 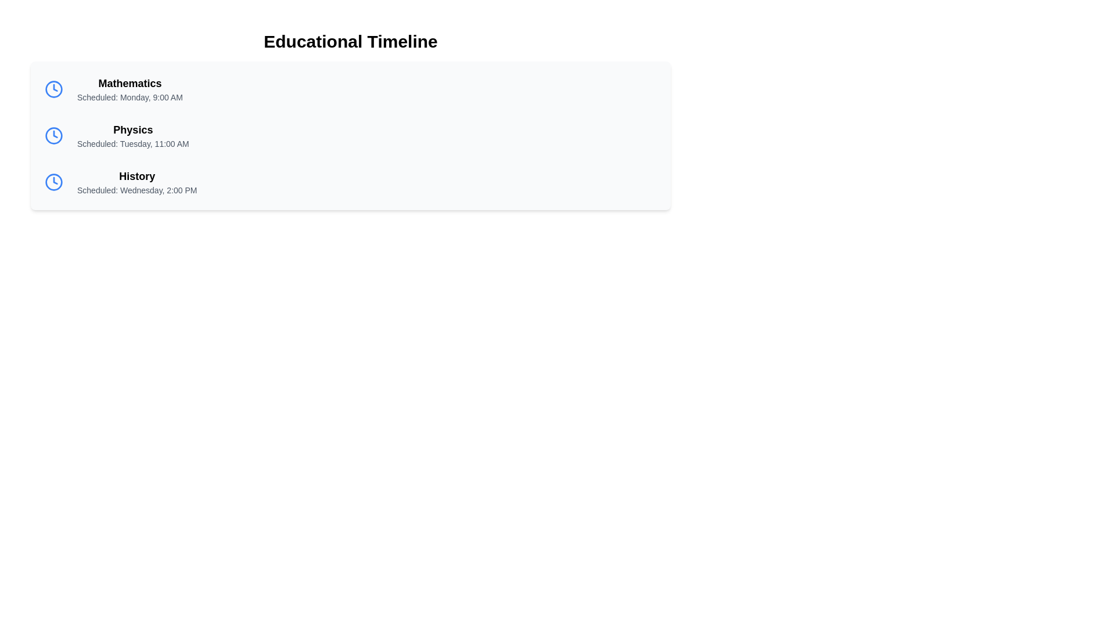 I want to click on information displayed in the Label titled 'Physics' which includes the scheduled time 'Tuesday, 11:00 AM', so click(x=133, y=135).